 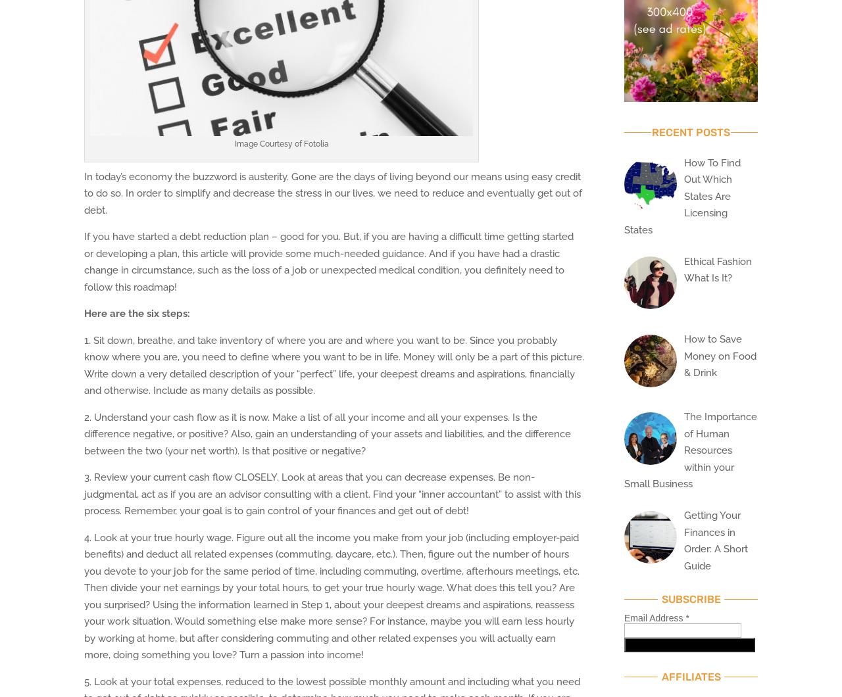 I want to click on '*', so click(x=686, y=617).